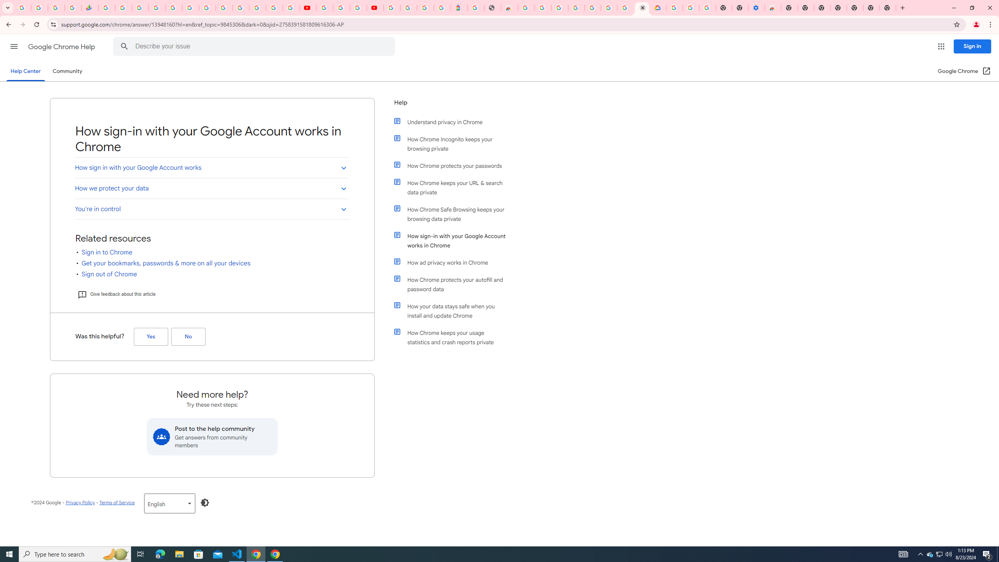 The image size is (999, 562). Describe the element at coordinates (453, 214) in the screenshot. I see `'How Chrome Safe Browsing keeps your browsing data private'` at that location.